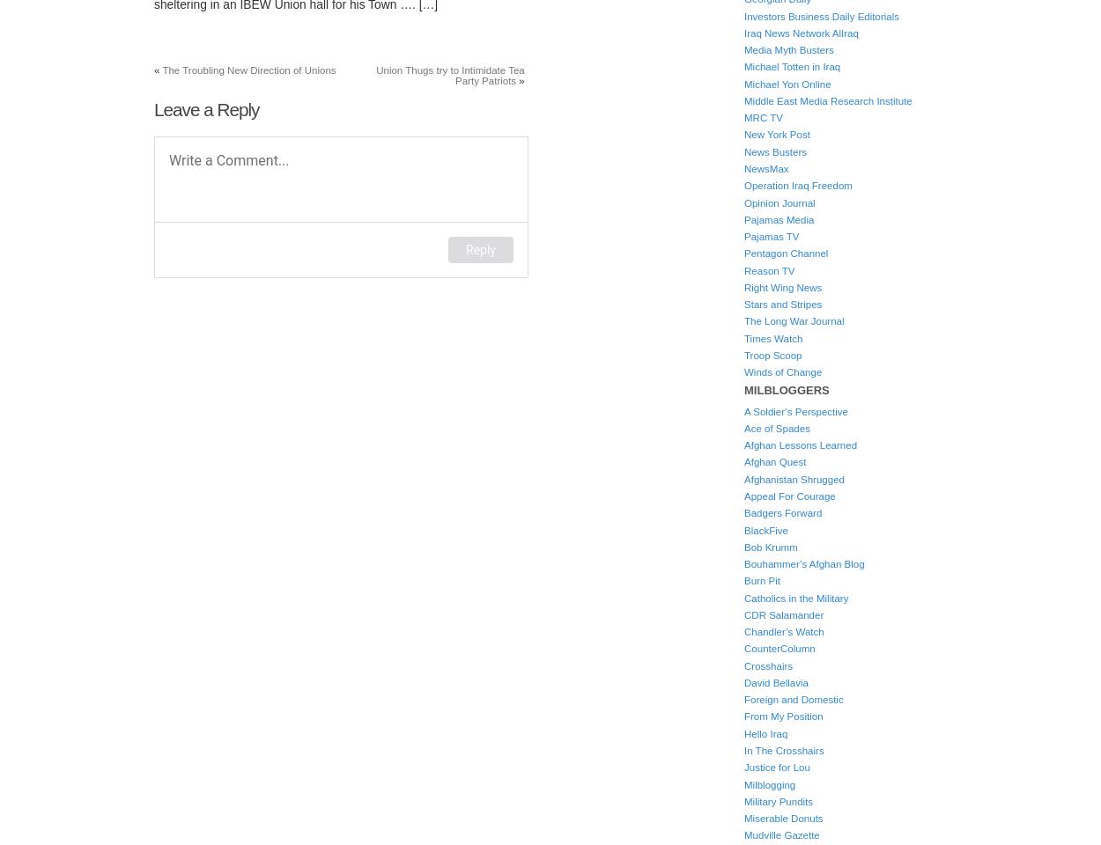  What do you see at coordinates (743, 647) in the screenshot?
I see `'CounterColumn'` at bounding box center [743, 647].